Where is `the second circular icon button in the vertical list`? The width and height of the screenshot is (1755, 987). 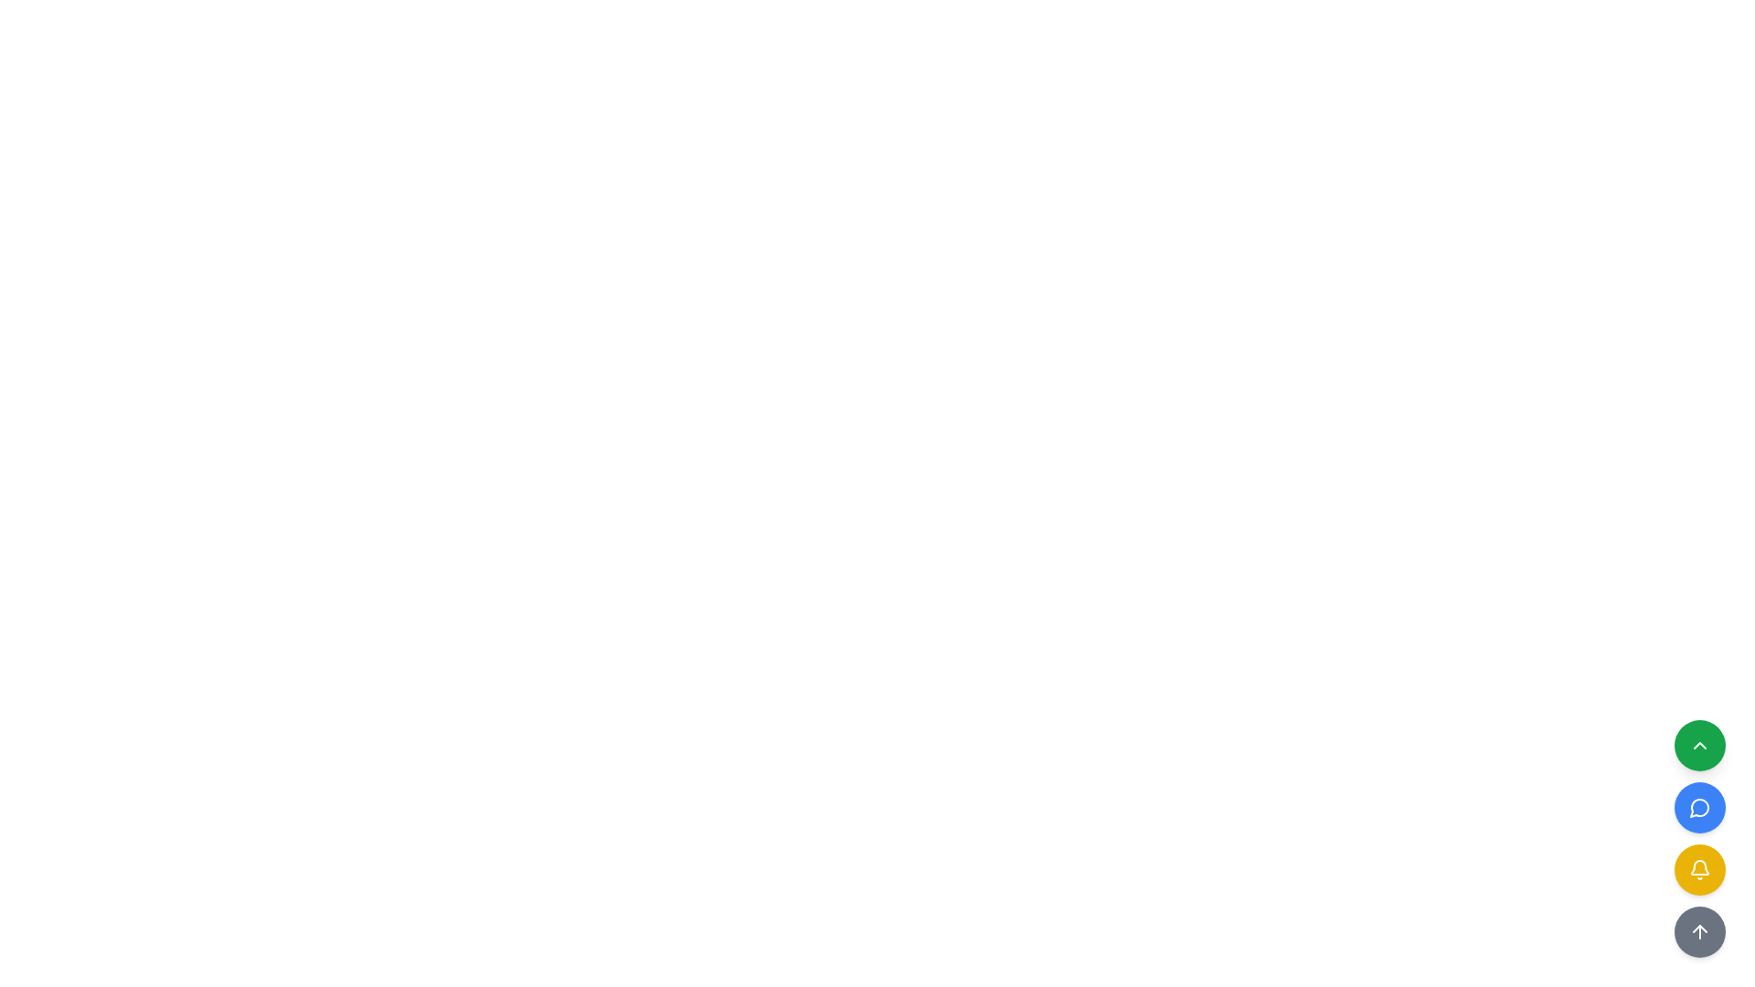
the second circular icon button in the vertical list is located at coordinates (1699, 806).